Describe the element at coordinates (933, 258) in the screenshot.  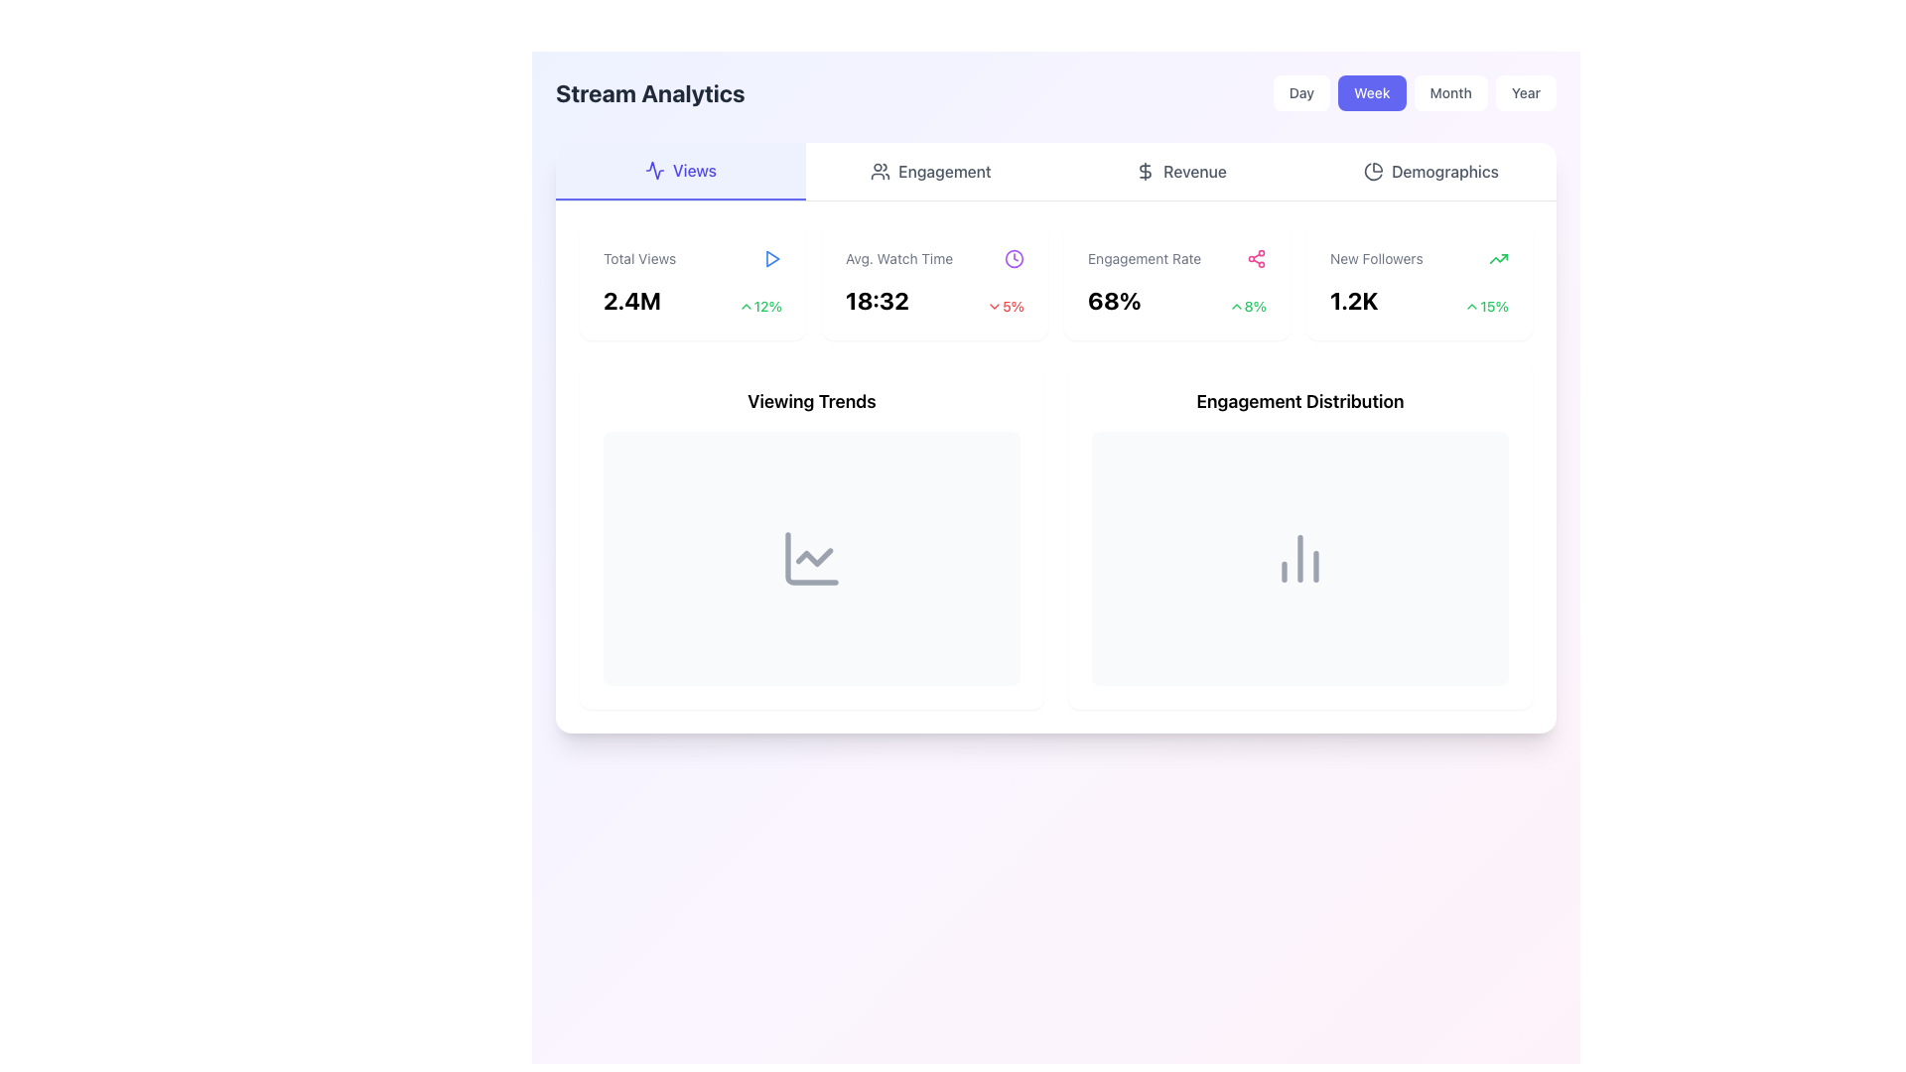
I see `the purple clock icon next to the 'Avg. Watch Time' text label in the 'Stream Analytics' dashboard` at that location.